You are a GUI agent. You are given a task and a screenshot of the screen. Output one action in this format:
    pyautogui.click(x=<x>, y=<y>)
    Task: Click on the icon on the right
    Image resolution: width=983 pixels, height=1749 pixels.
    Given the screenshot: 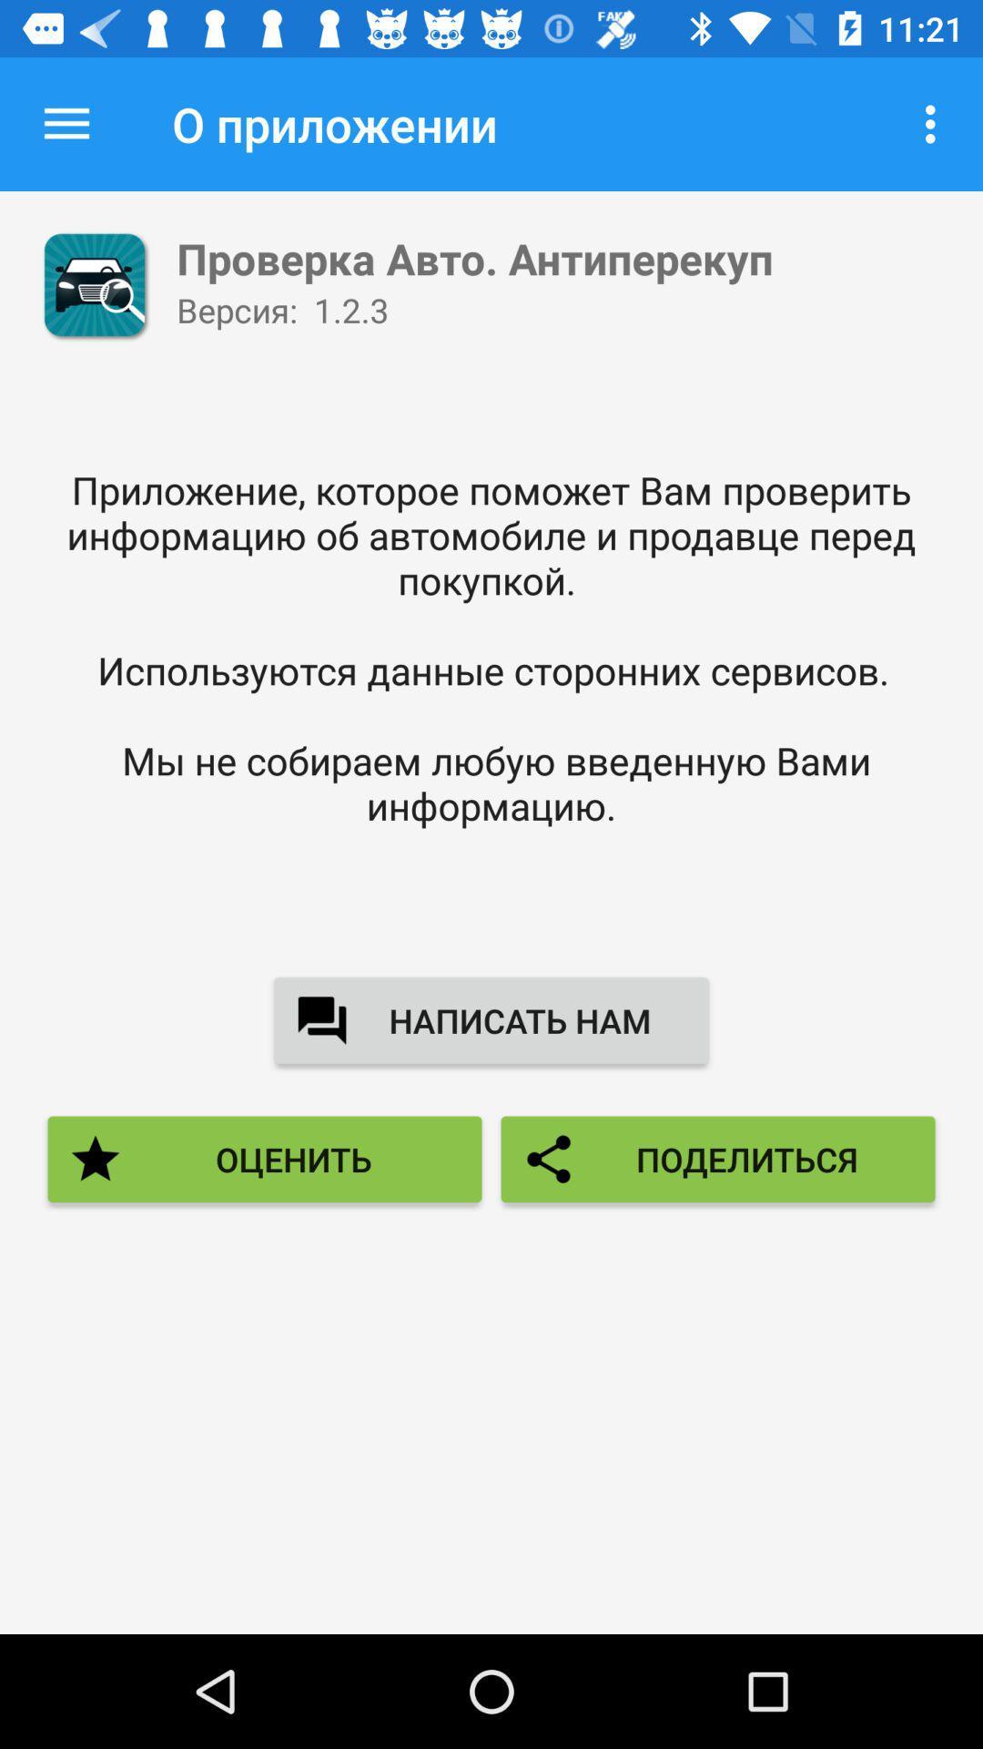 What is the action you would take?
    pyautogui.click(x=717, y=1158)
    